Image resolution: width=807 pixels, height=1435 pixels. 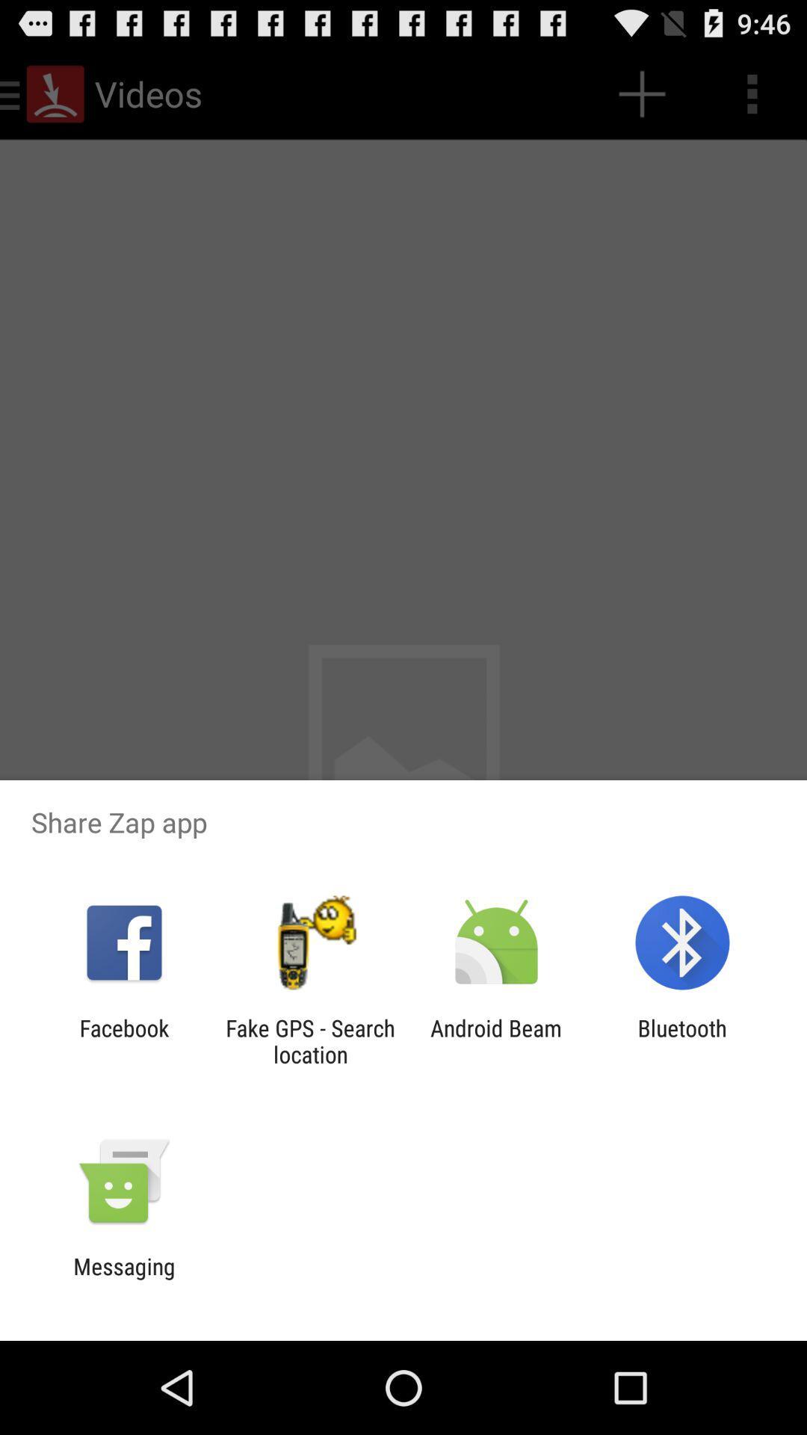 What do you see at coordinates (496, 1040) in the screenshot?
I see `the android beam icon` at bounding box center [496, 1040].